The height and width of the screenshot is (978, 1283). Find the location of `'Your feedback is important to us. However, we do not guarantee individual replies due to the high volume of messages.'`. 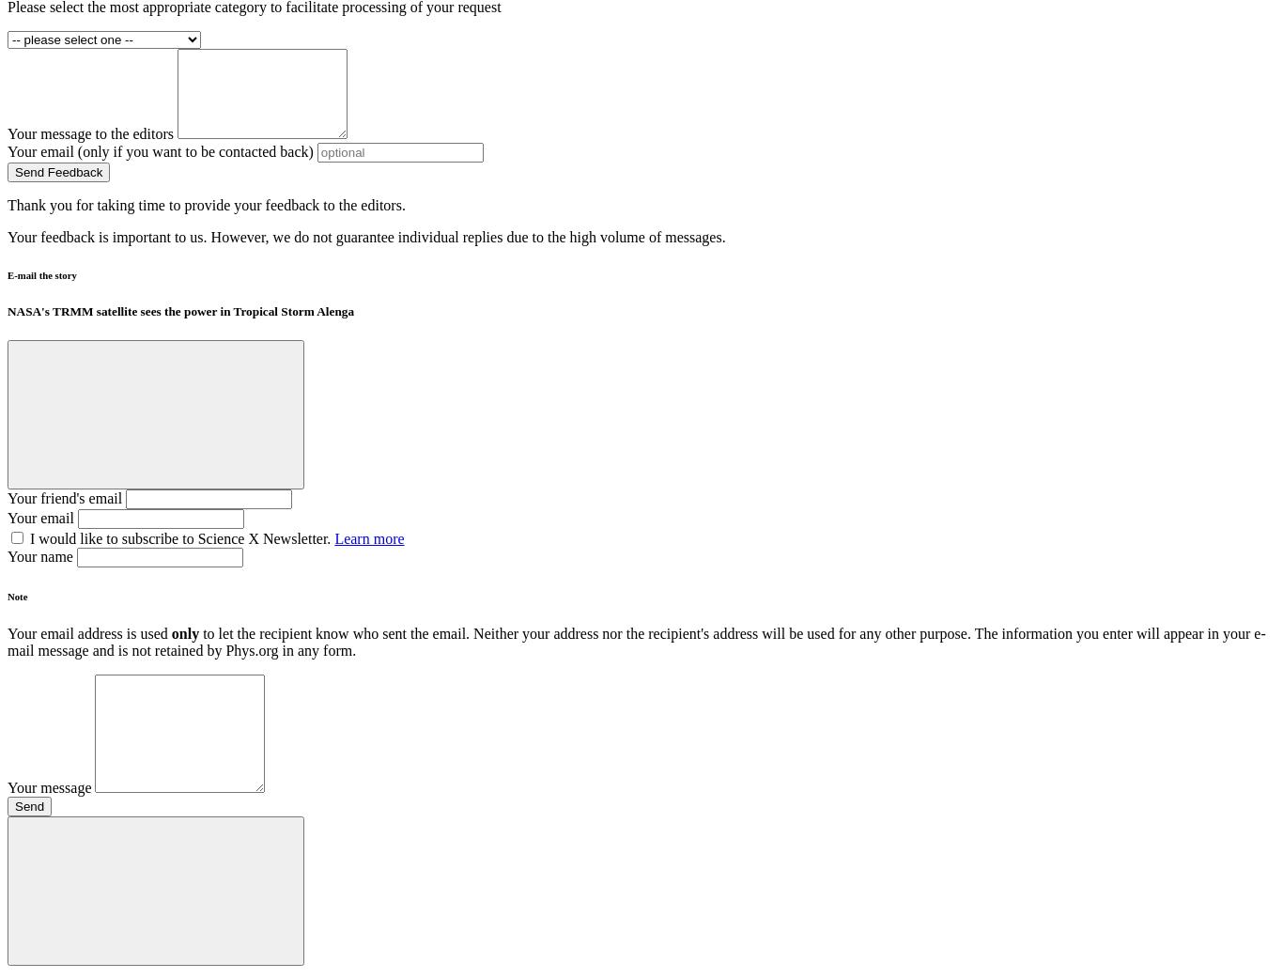

'Your feedback is important to us. However, we do not guarantee individual replies due to the high volume of messages.' is located at coordinates (364, 235).